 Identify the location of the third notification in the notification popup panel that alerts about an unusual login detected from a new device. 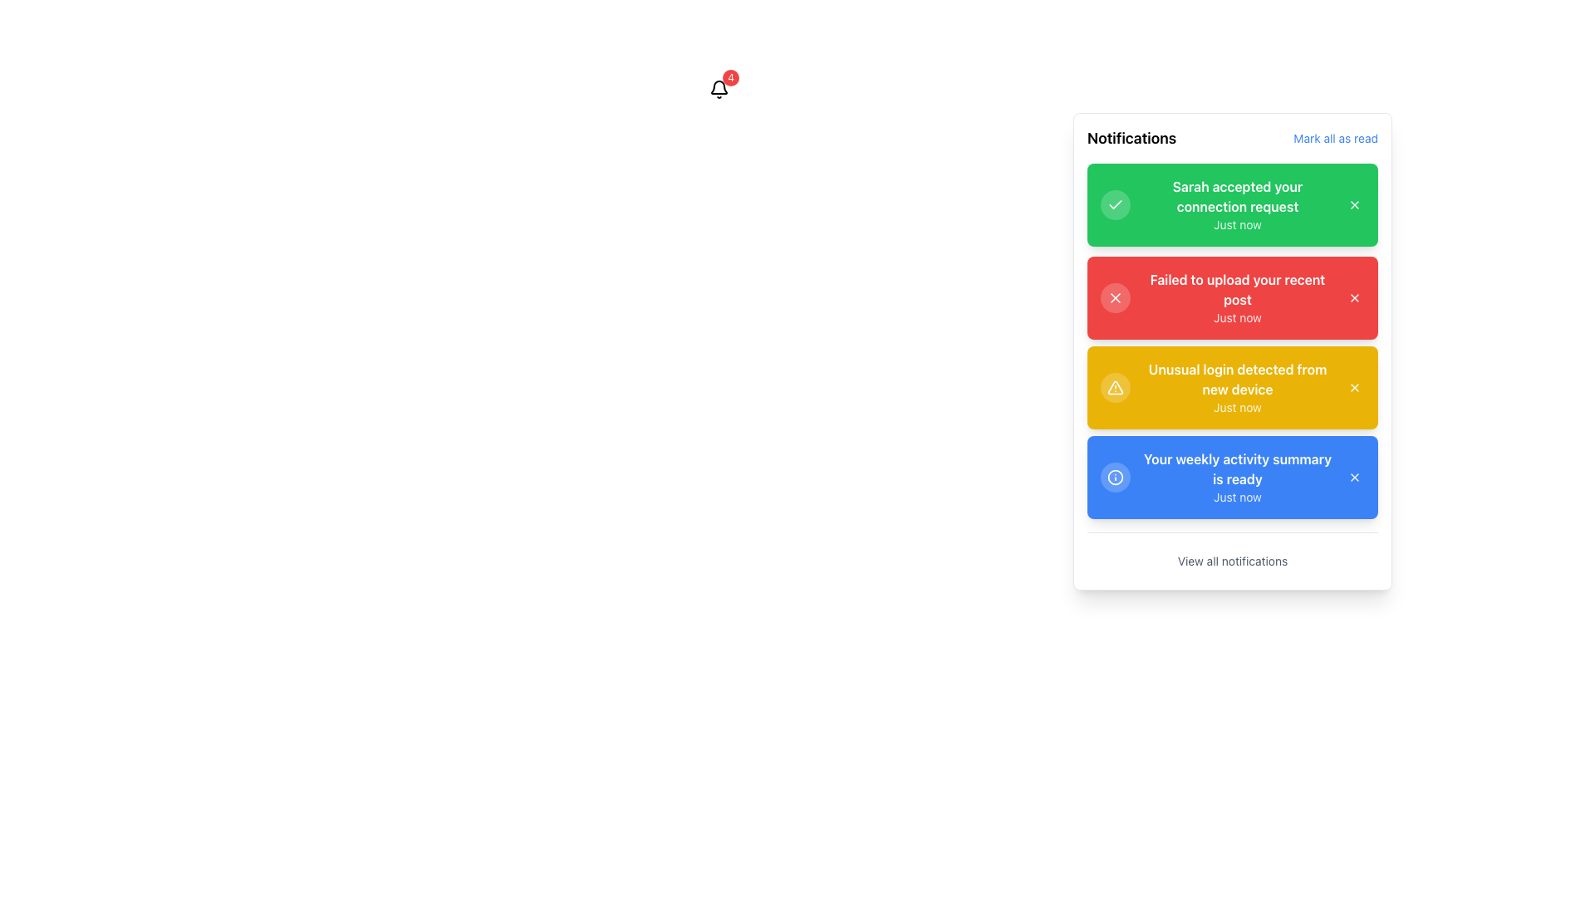
(1237, 387).